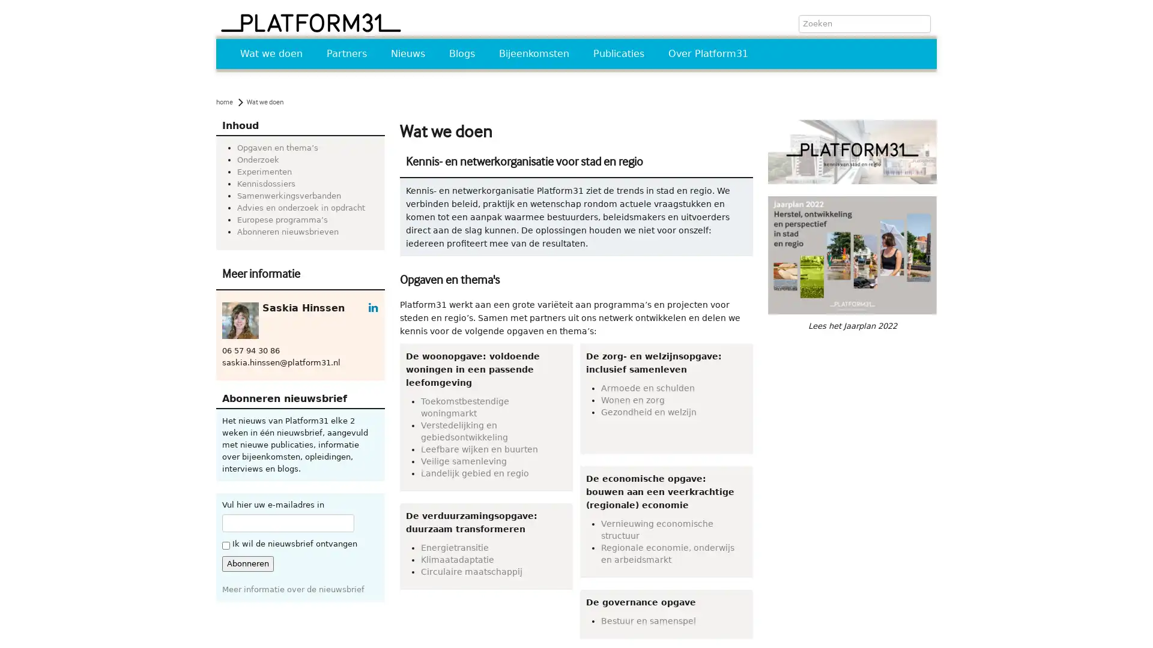 The image size is (1153, 648). I want to click on Abonneren, so click(247, 563).